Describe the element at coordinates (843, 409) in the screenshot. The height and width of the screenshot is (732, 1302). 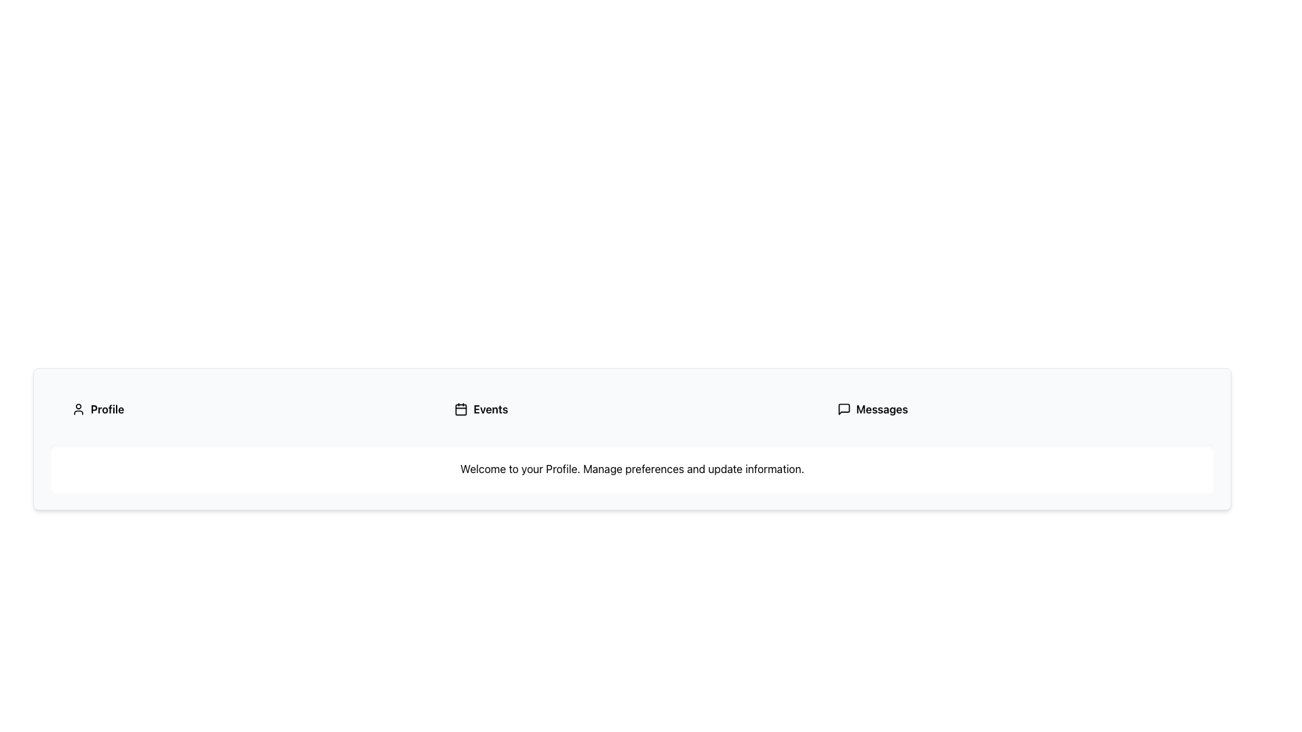
I see `the messaging icon located on the left side of the 'Messages' text in the highlighted section of the navigation bar` at that location.